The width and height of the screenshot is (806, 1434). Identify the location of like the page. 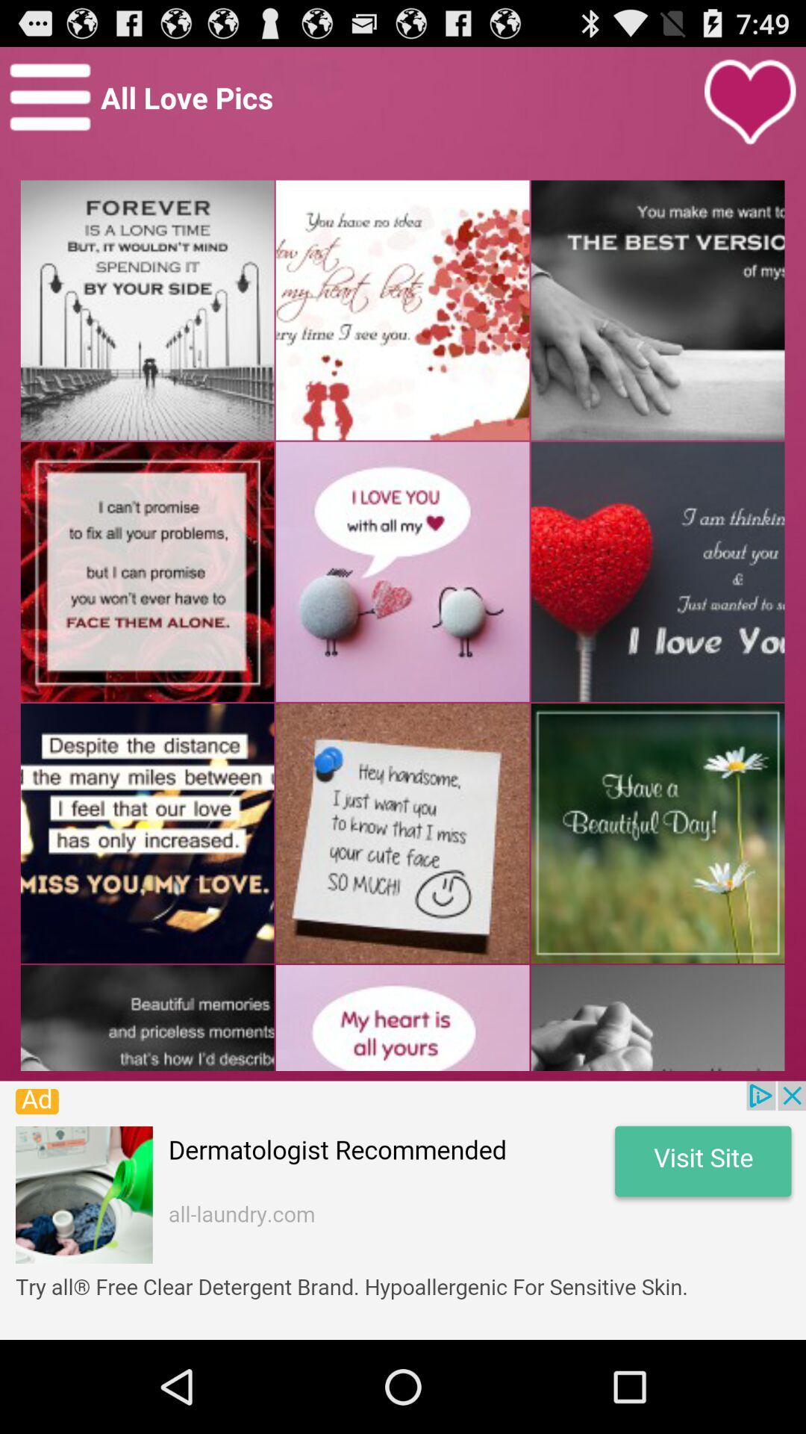
(750, 102).